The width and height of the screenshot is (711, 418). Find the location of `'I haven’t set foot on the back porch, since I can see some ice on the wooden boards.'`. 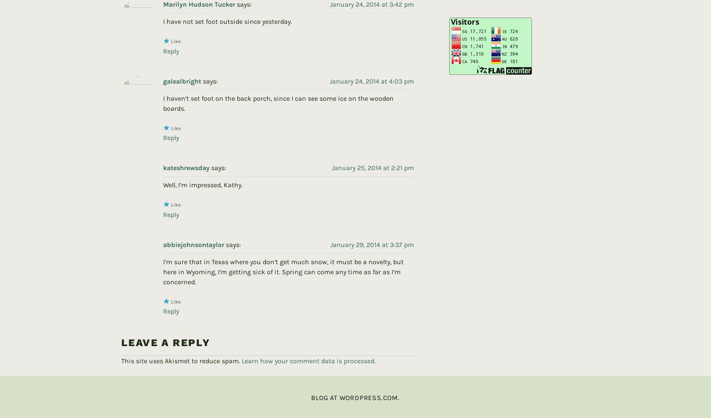

'I haven’t set foot on the back porch, since I can see some ice on the wooden boards.' is located at coordinates (278, 89).